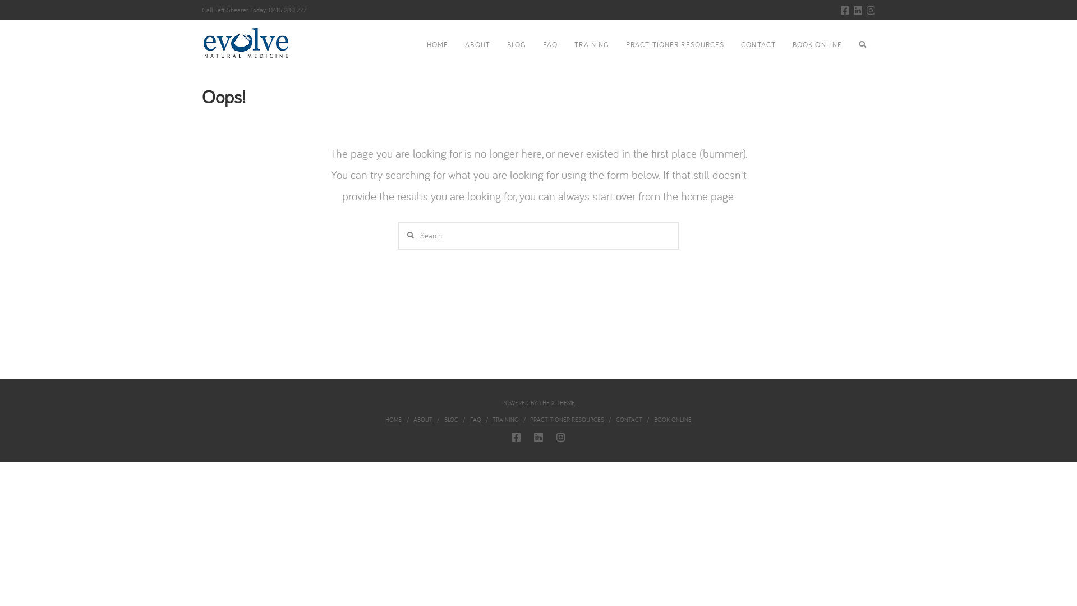 The height and width of the screenshot is (606, 1077). What do you see at coordinates (516, 45) in the screenshot?
I see `'BLOG'` at bounding box center [516, 45].